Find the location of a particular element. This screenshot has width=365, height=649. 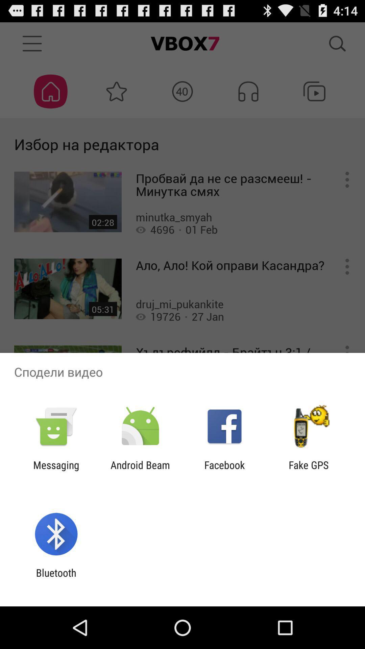

fake gps app is located at coordinates (309, 471).